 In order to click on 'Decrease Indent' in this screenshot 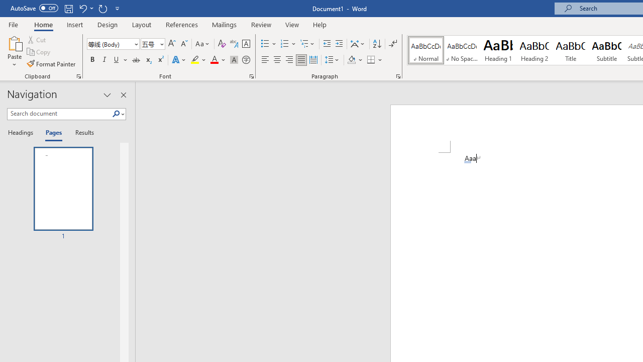, I will do `click(327, 43)`.